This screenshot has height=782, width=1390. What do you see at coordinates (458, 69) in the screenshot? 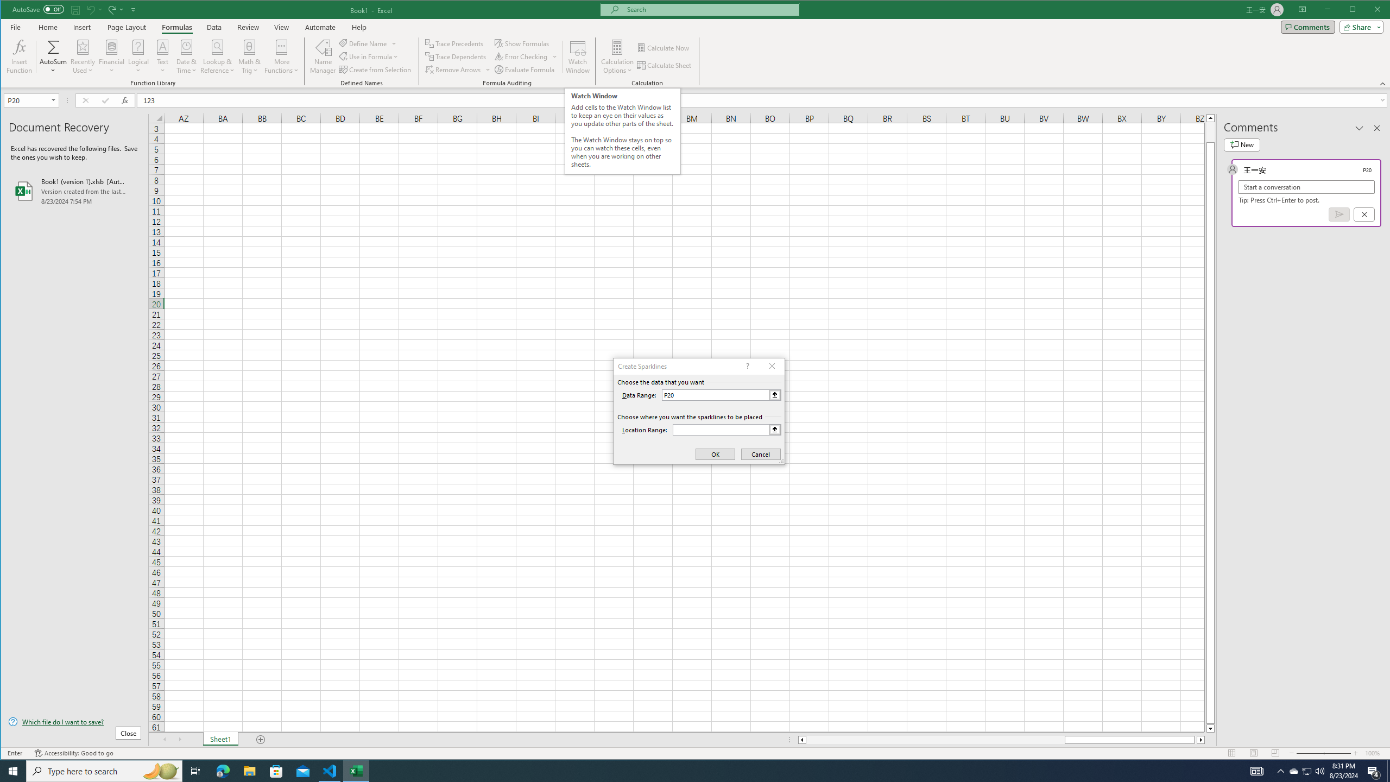
I see `'Remove Arrows'` at bounding box center [458, 69].